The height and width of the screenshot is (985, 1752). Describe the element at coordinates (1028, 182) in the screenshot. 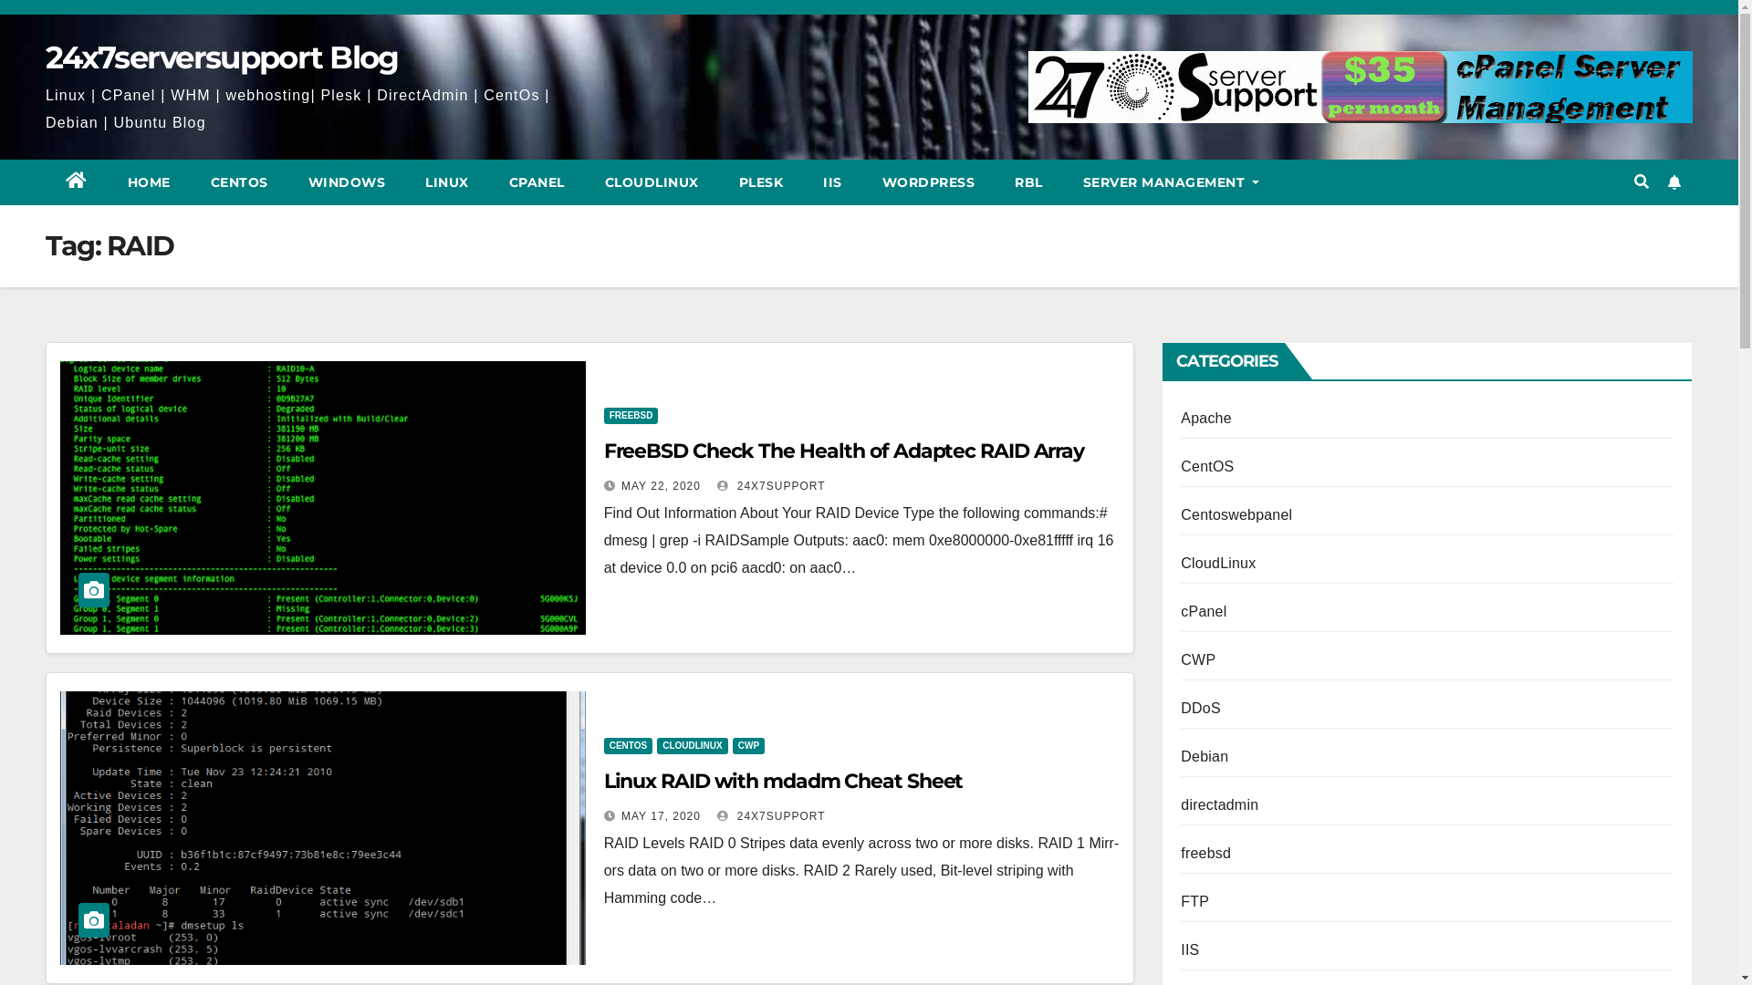

I see `'RBL'` at that location.